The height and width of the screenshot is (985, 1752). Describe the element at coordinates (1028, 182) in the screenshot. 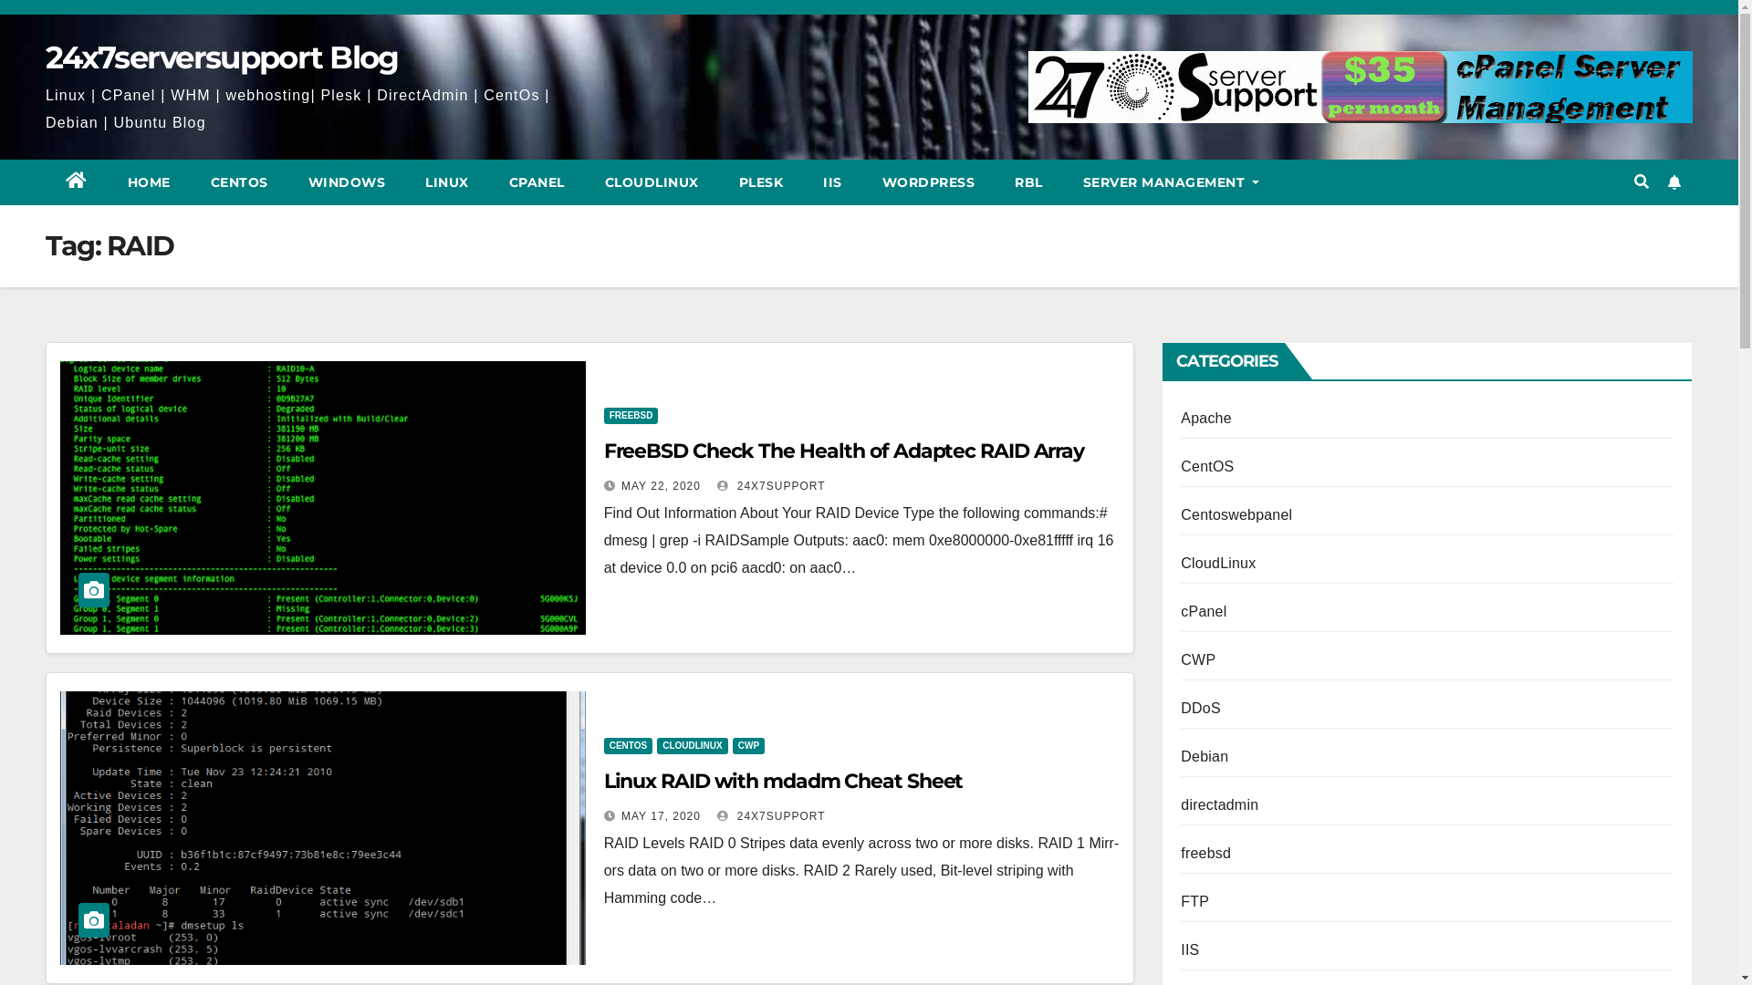

I see `'RBL'` at that location.